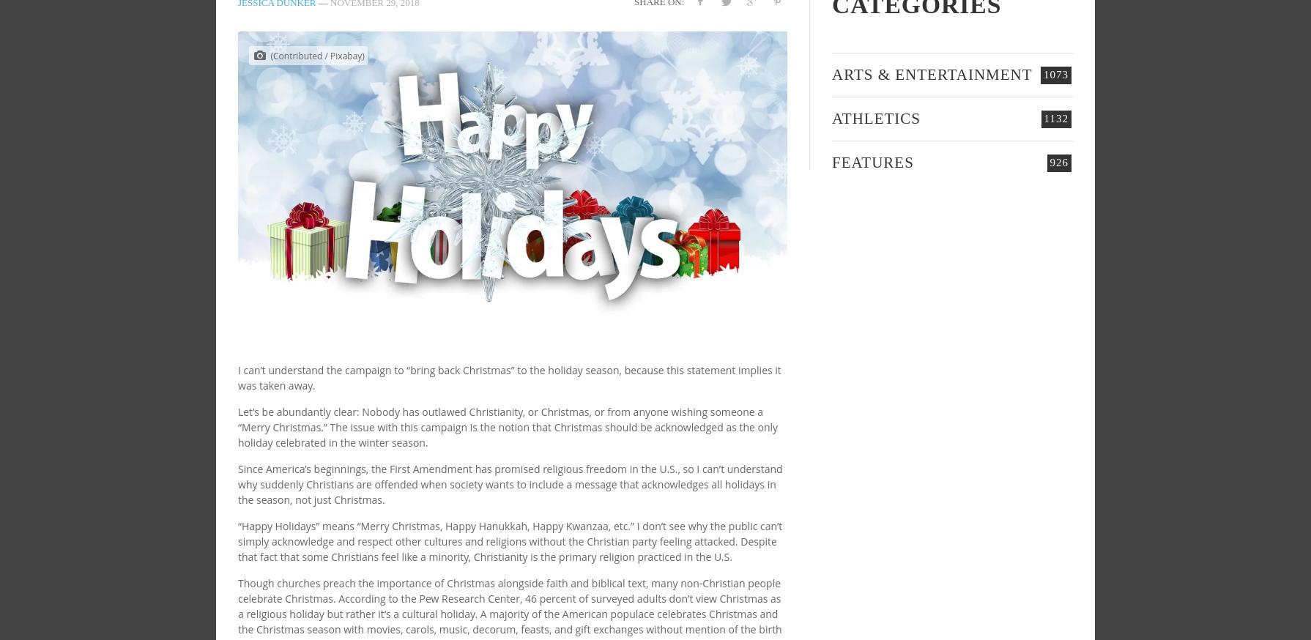 The height and width of the screenshot is (640, 1311). Describe the element at coordinates (509, 540) in the screenshot. I see `'“Happy Holidays” means “Merry Christmas, Happy Hanukkah, Happy Kwanzaa, etc.” I don’t see why the public can’t simply acknowledge and respect other cultures and religions without the Christian party feeling attacked. Despite that fact that some Christians feel like a minority, Christianity is the primary religion practiced in the U.S.'` at that location.